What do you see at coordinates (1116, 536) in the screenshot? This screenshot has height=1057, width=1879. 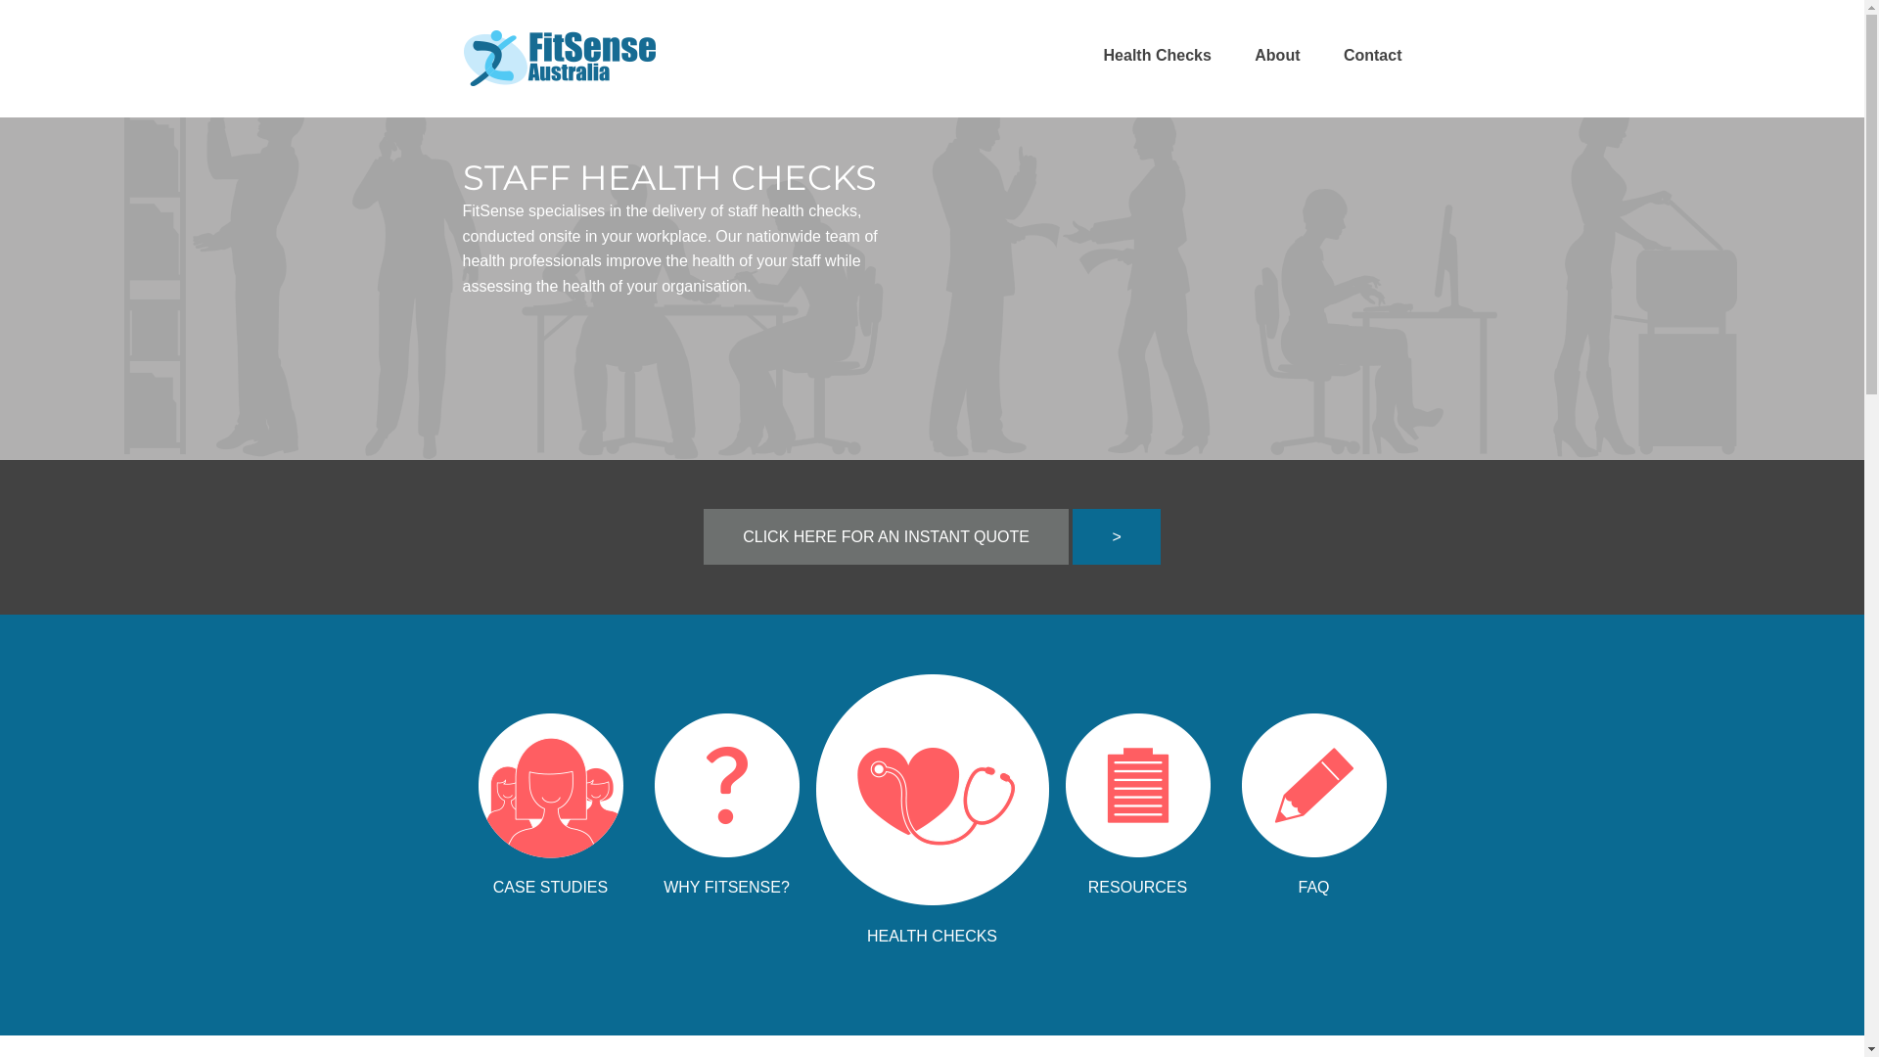 I see `'>'` at bounding box center [1116, 536].